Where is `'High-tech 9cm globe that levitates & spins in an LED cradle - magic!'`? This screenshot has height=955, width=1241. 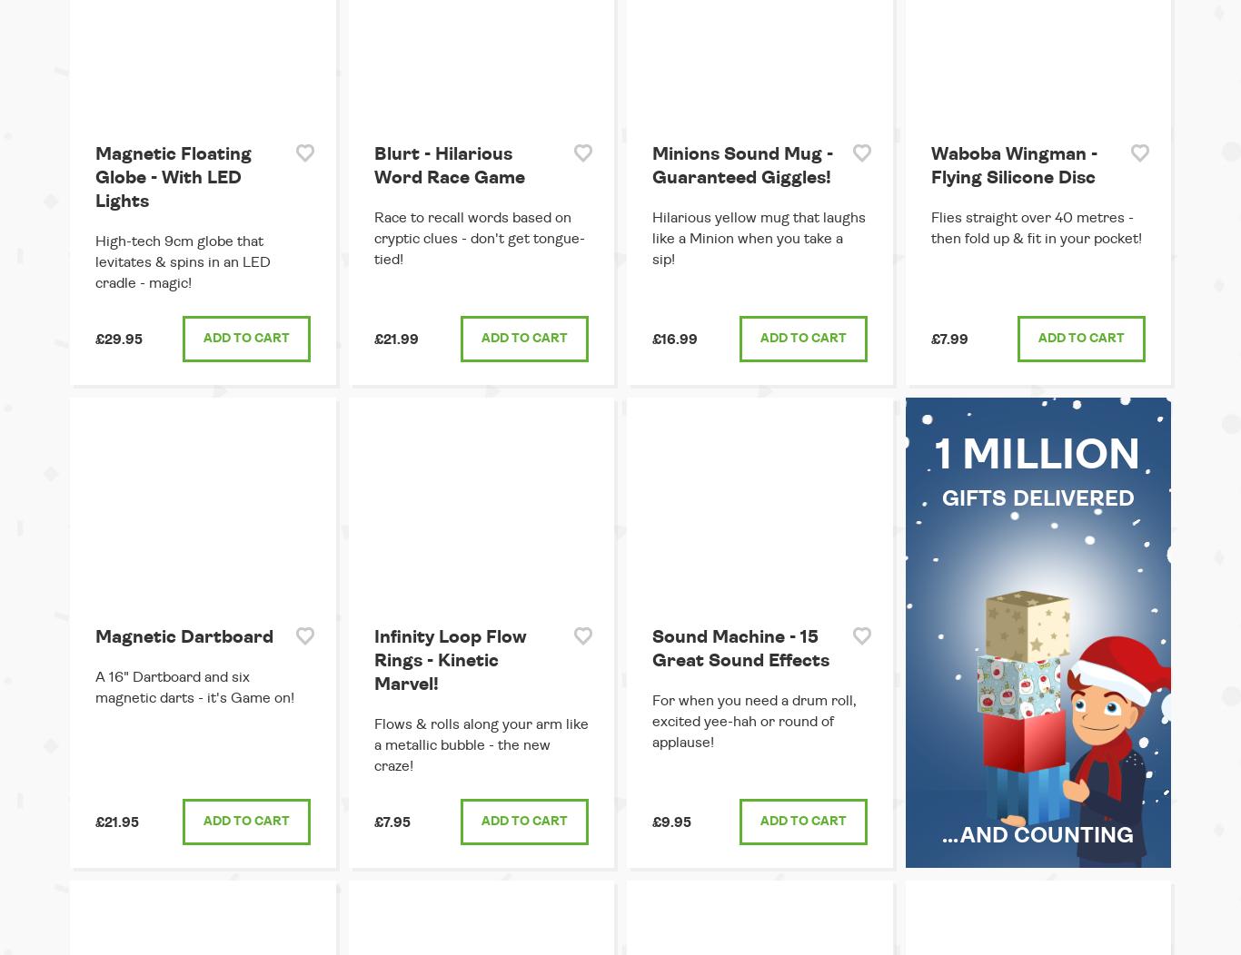
'High-tech 9cm globe that levitates & spins in an LED cradle - magic!' is located at coordinates (182, 261).